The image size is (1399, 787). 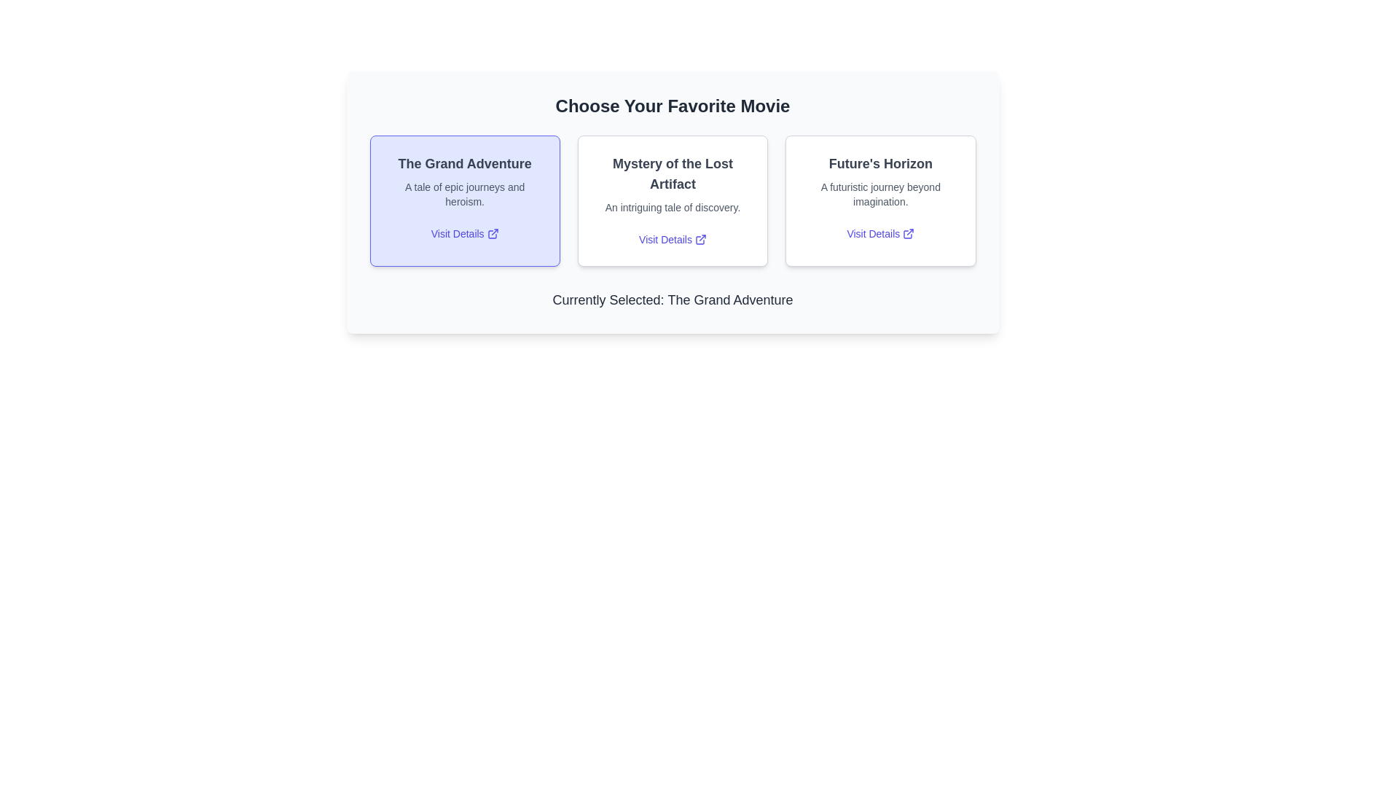 What do you see at coordinates (672, 299) in the screenshot?
I see `the text label that displays 'Currently Selected: The Grand Adventure', which is centered below the movie selection grid` at bounding box center [672, 299].